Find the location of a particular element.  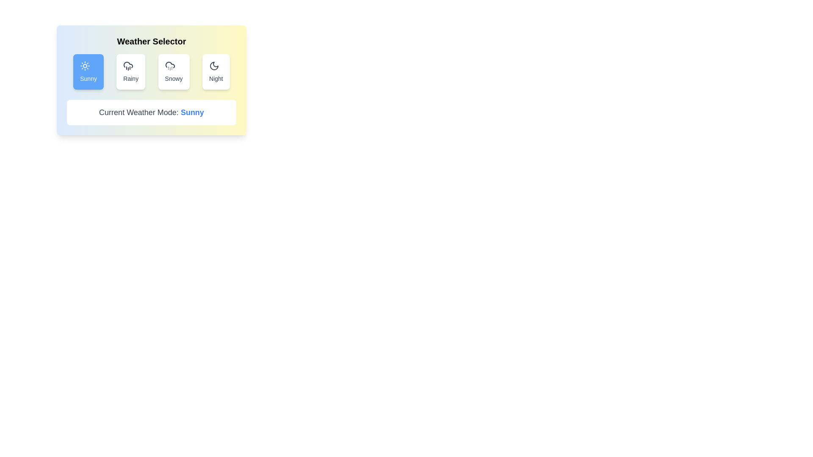

the button corresponding to the weather option Sunny is located at coordinates (88, 71).